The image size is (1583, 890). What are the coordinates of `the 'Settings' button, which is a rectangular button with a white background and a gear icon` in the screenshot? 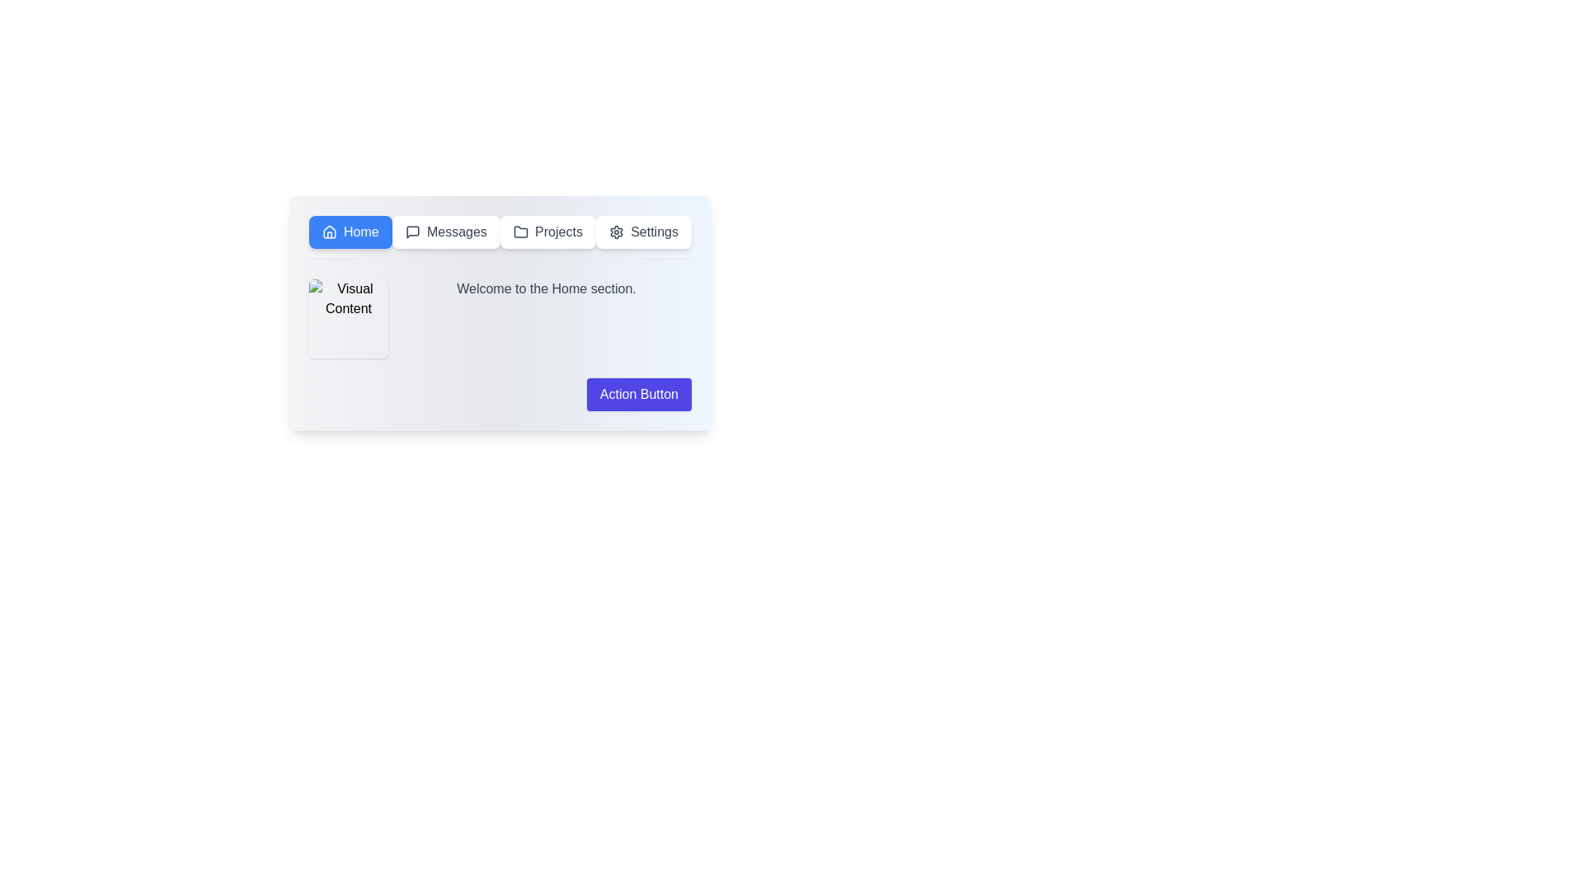 It's located at (643, 232).